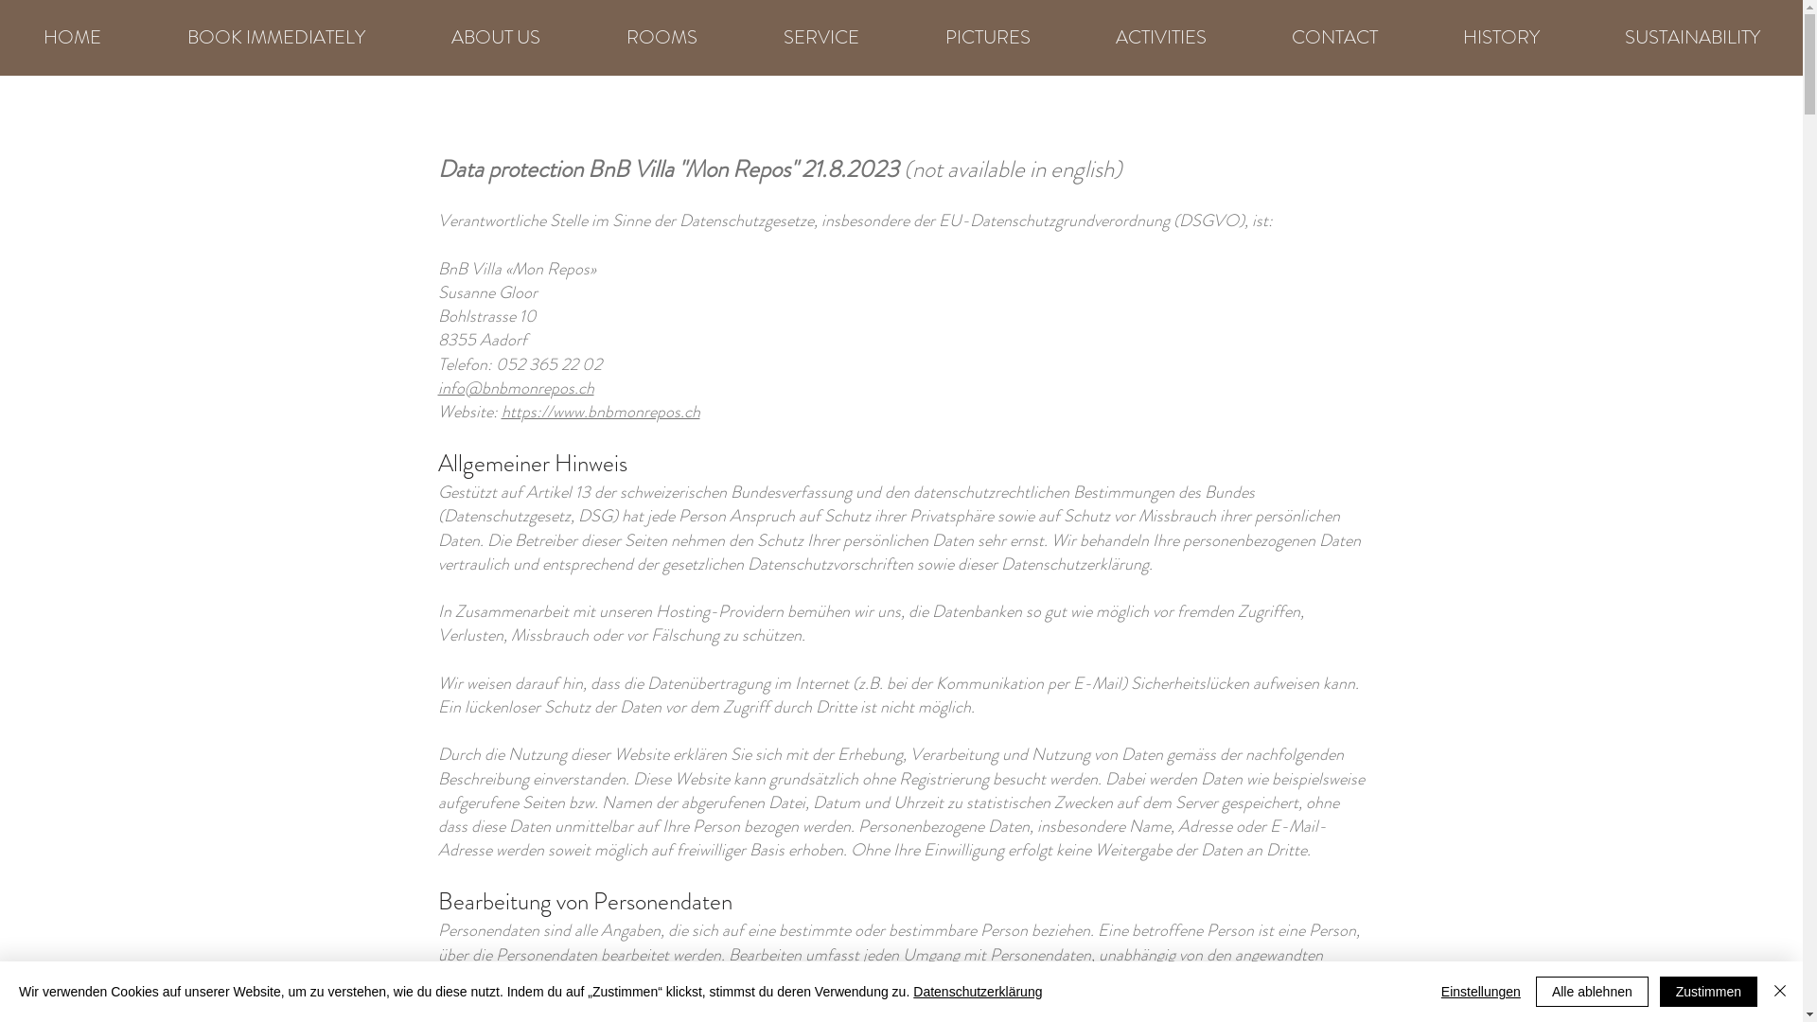  I want to click on 'Zustimmen', so click(1708, 991).